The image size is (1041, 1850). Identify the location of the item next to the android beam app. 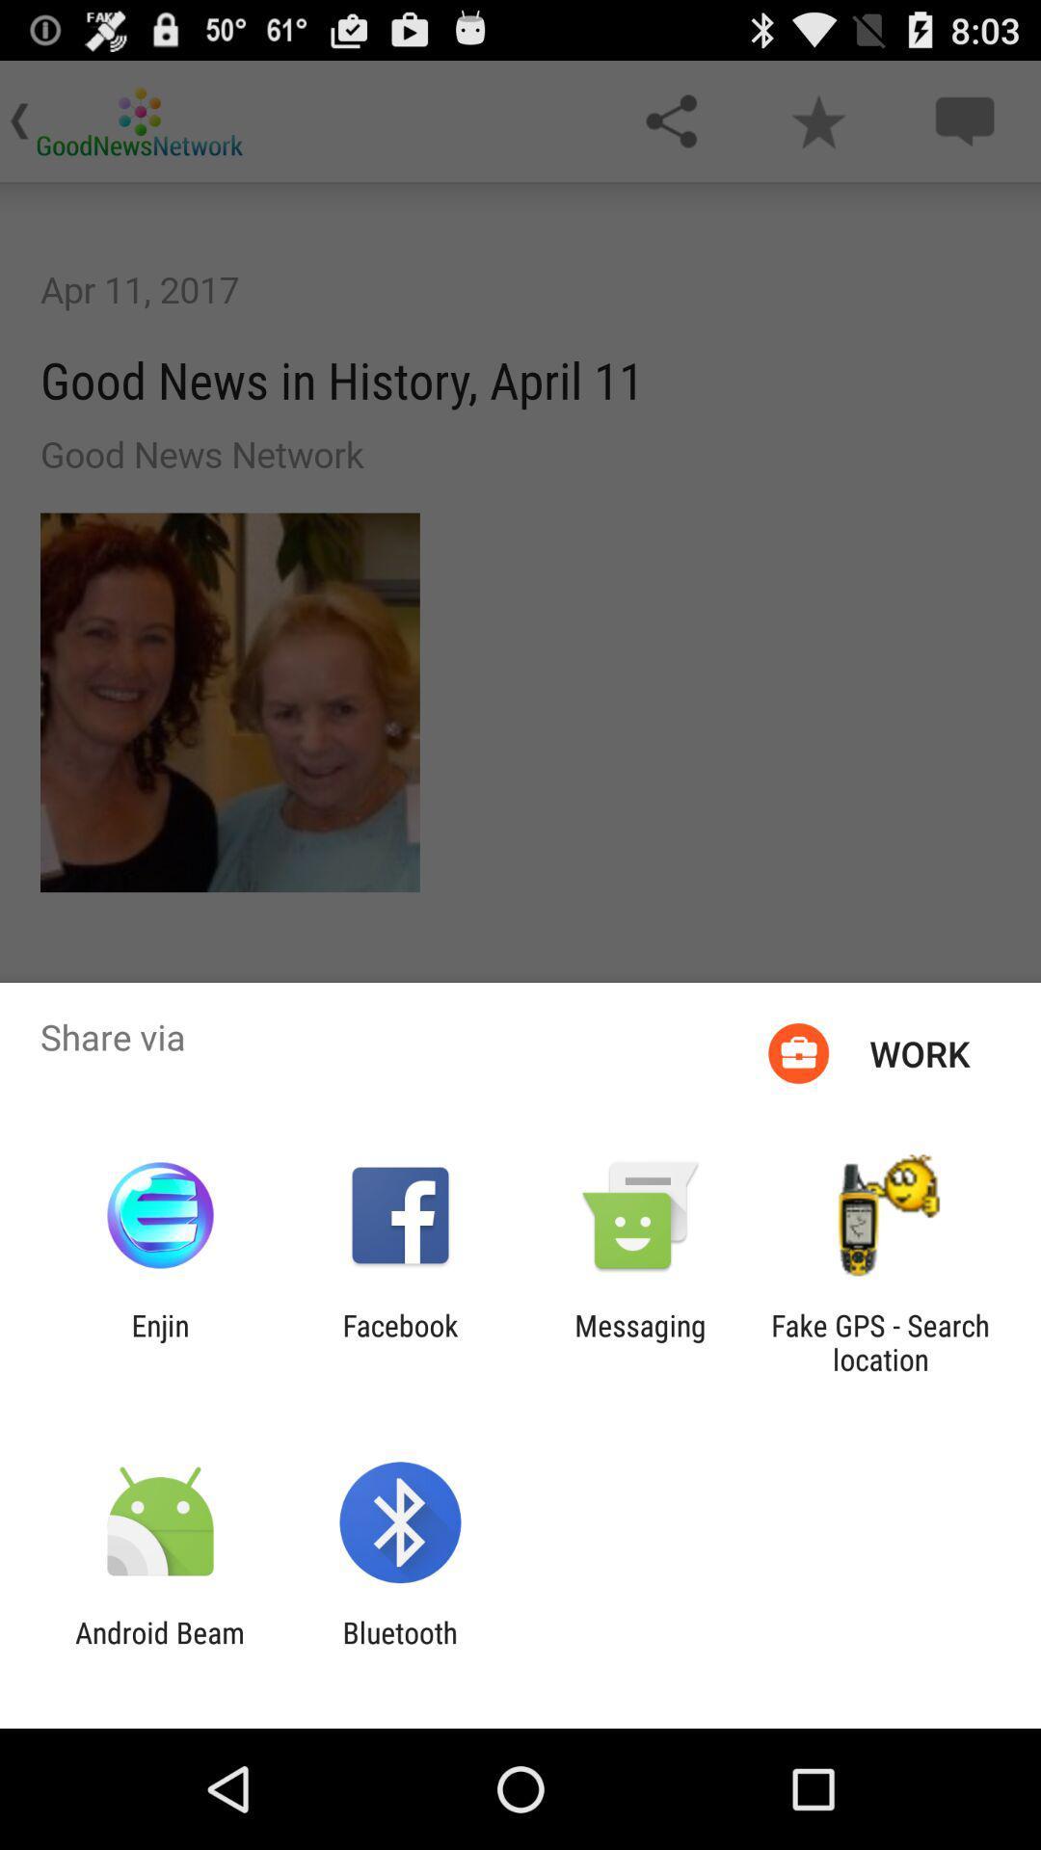
(399, 1649).